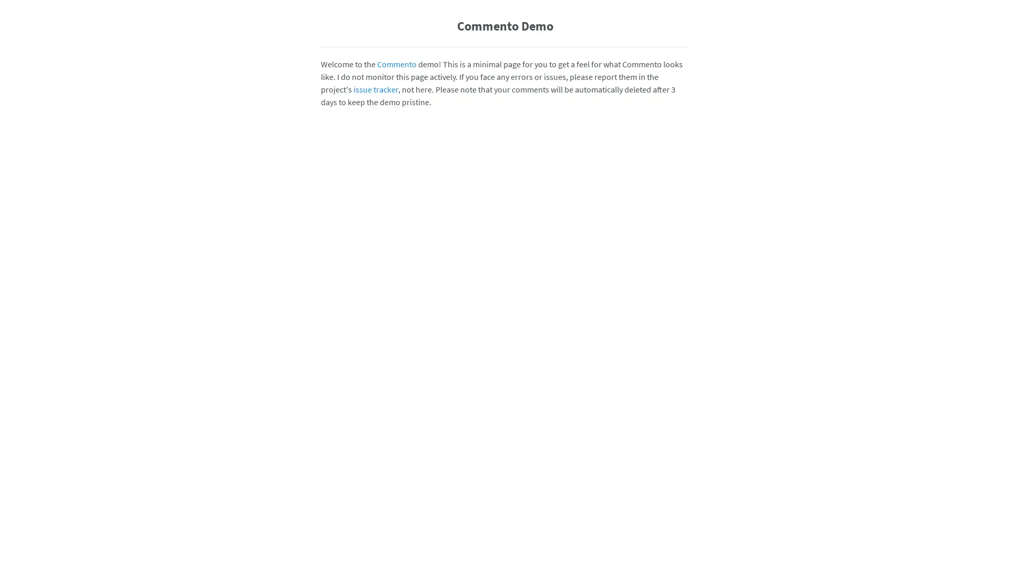  What do you see at coordinates (648, 486) in the screenshot?
I see `Upvote` at bounding box center [648, 486].